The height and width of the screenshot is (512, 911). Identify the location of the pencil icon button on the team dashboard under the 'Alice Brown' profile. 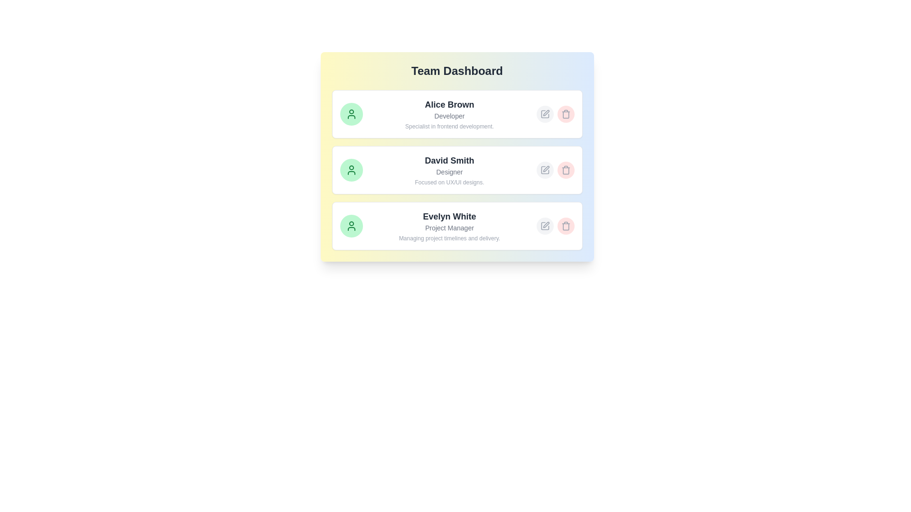
(545, 113).